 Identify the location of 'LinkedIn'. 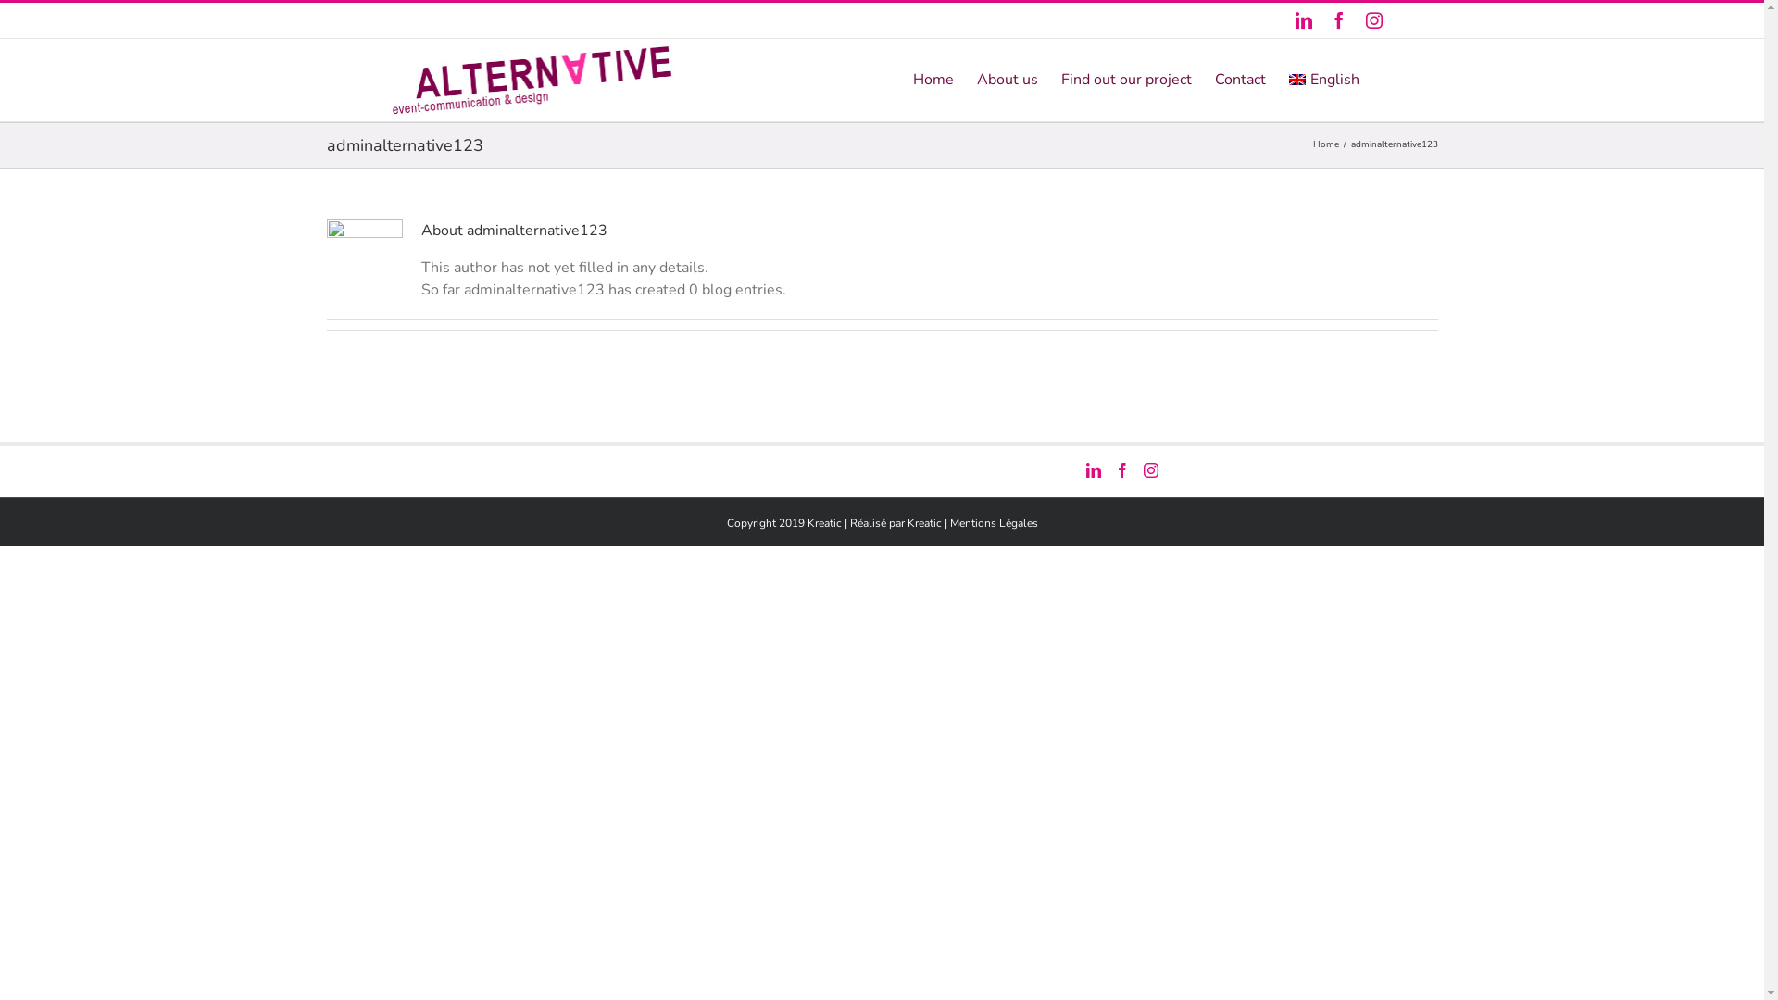
(1301, 20).